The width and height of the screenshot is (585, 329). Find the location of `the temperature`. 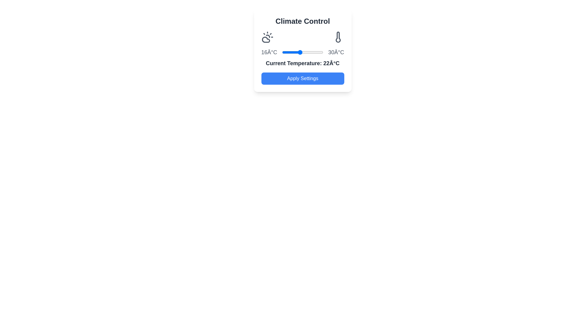

the temperature is located at coordinates (320, 52).